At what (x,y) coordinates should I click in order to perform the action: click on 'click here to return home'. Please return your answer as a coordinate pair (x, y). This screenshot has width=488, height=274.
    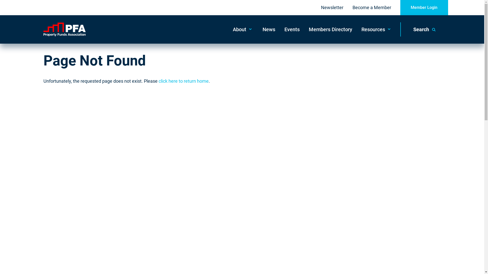
    Looking at the image, I should click on (158, 81).